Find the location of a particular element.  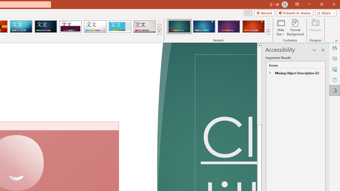

'Task Pane Options' is located at coordinates (314, 50).